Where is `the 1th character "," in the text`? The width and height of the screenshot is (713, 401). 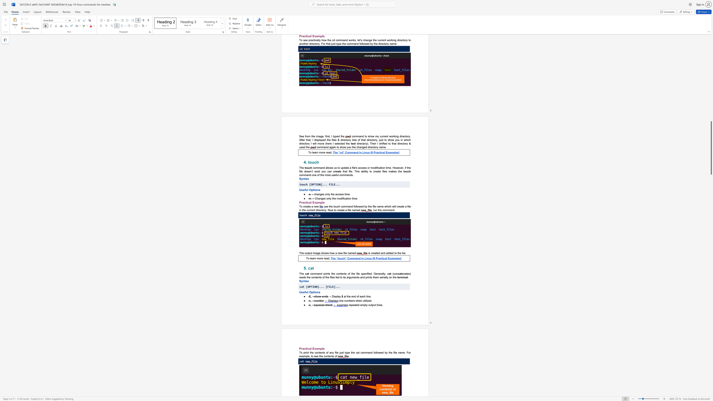
the 1th character "," in the text is located at coordinates (311, 296).